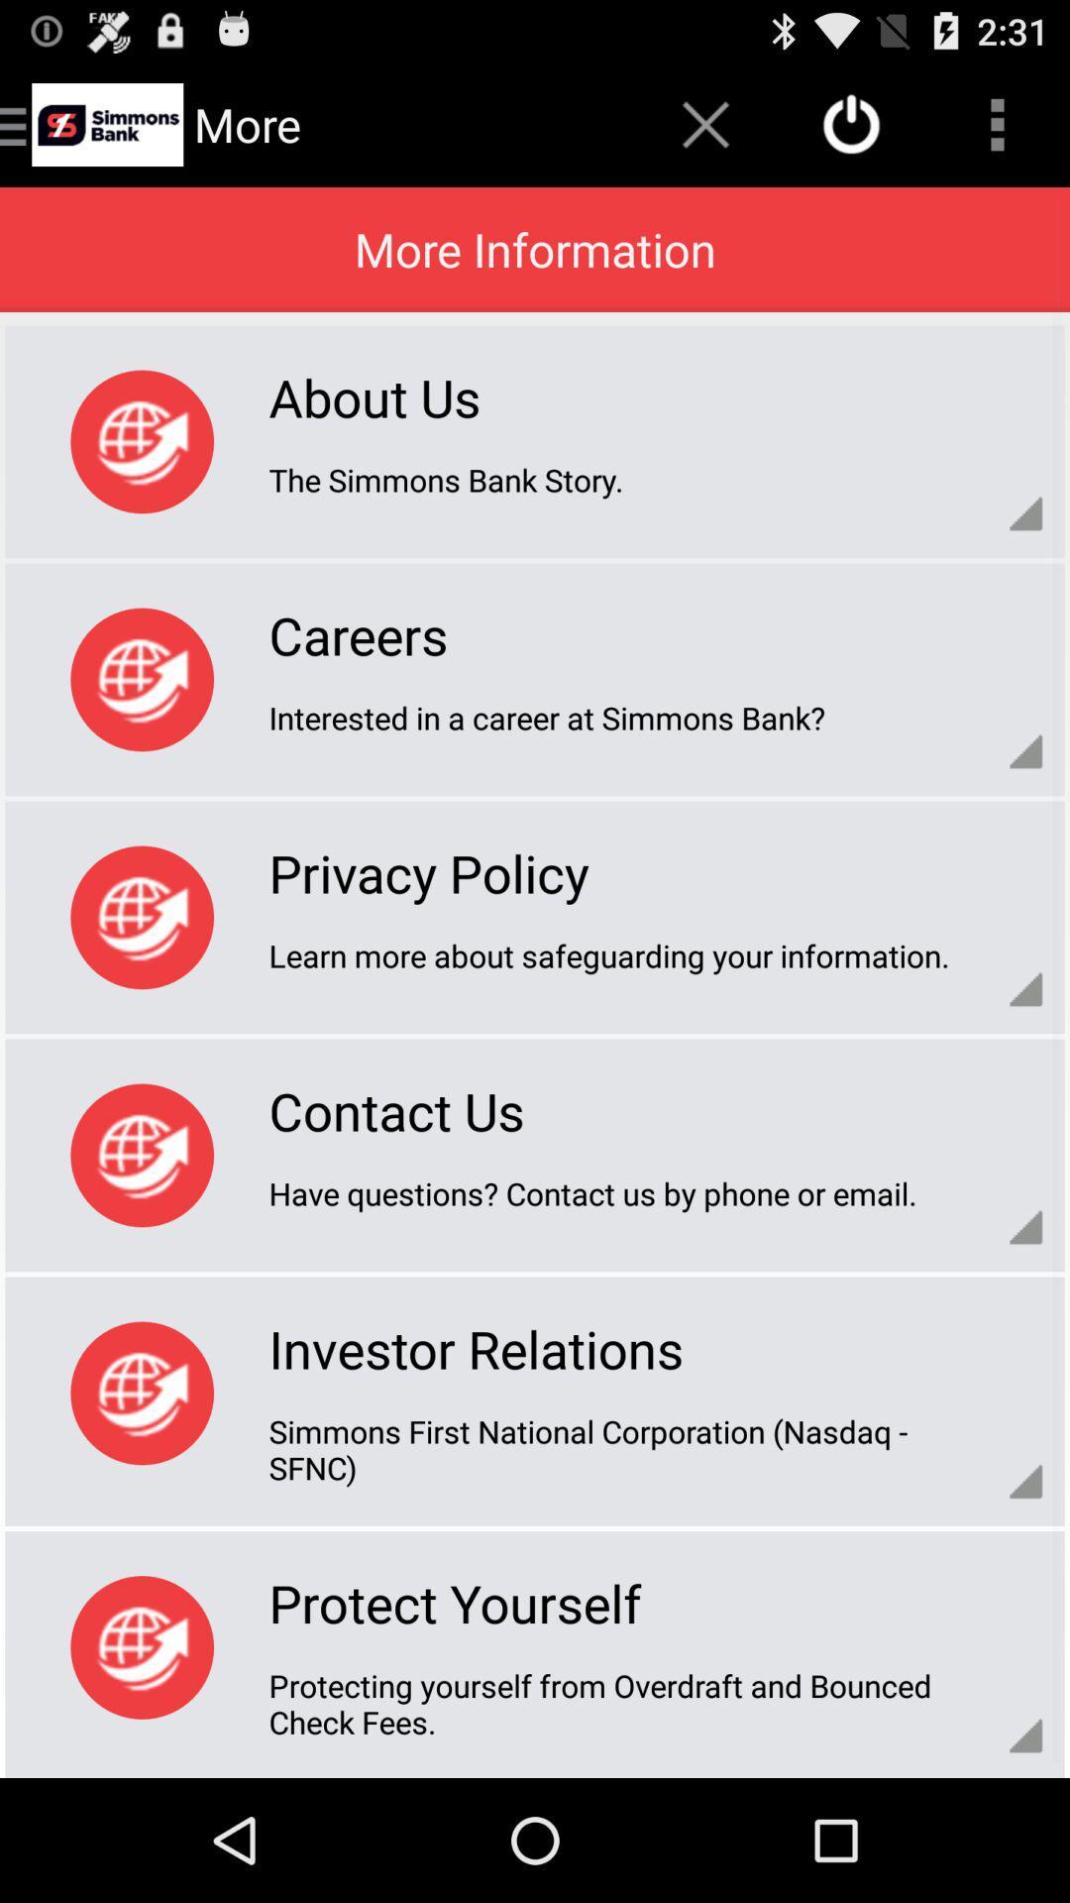 Image resolution: width=1070 pixels, height=1903 pixels. Describe the element at coordinates (704, 123) in the screenshot. I see `the cross icon` at that location.